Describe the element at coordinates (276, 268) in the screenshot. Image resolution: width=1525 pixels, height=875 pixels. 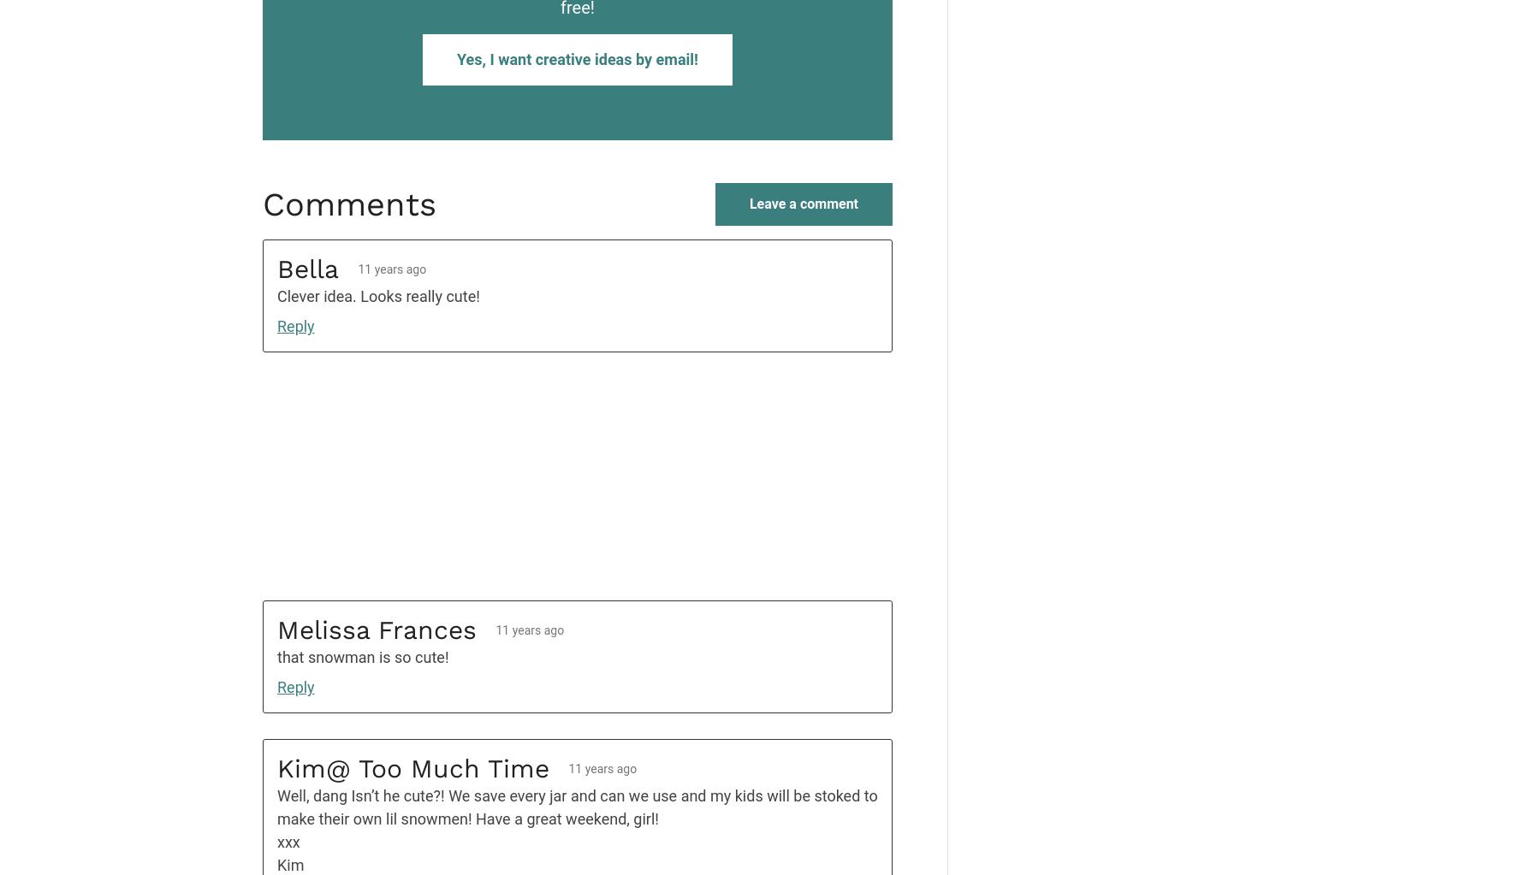
I see `'Bella'` at that location.